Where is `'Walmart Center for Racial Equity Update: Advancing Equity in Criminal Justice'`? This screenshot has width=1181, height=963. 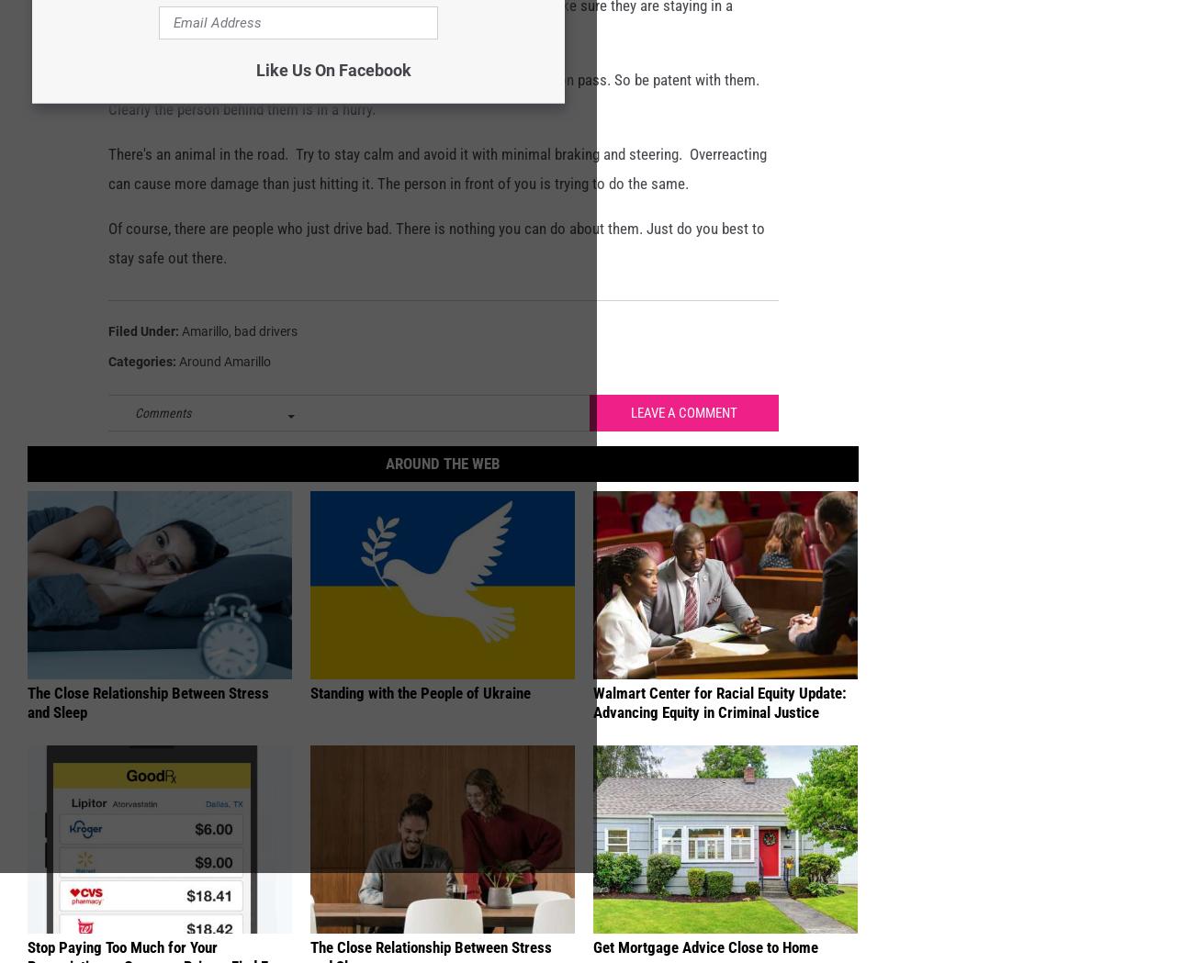
'Walmart Center for Racial Equity Update: Advancing Equity in Criminal Justice' is located at coordinates (719, 732).